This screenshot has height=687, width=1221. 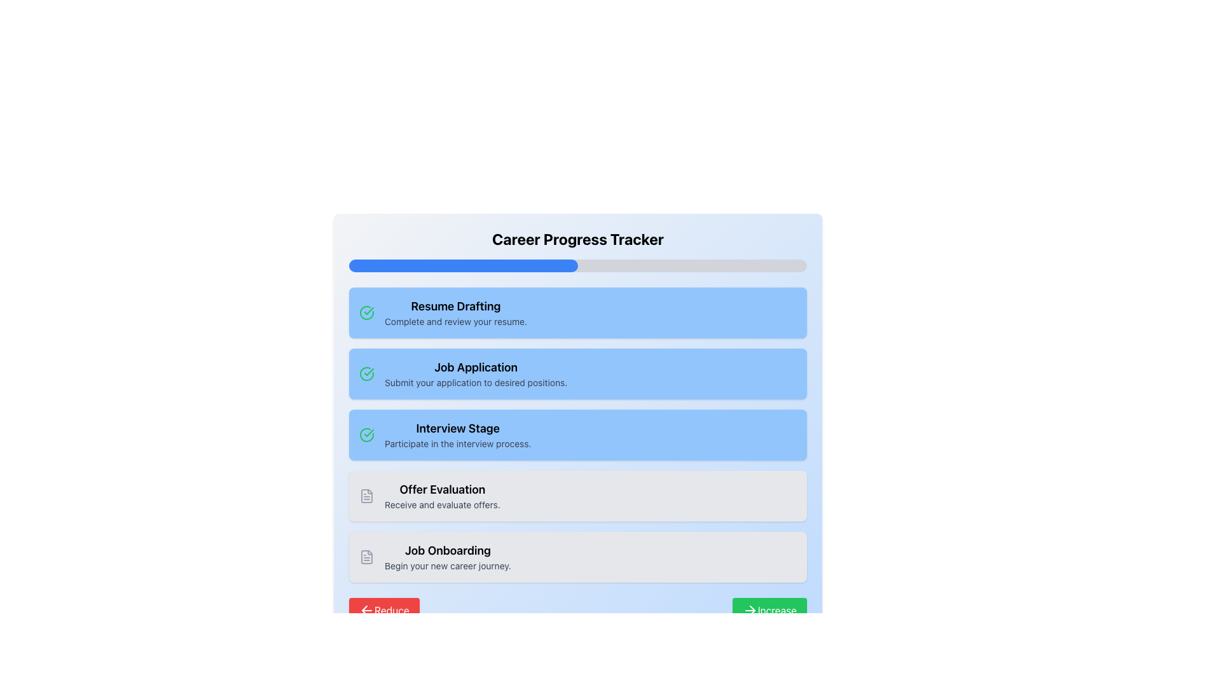 What do you see at coordinates (458, 429) in the screenshot?
I see `header text 'Interview Stage' in the career progress tracker interface, which is located in the third section above the description text` at bounding box center [458, 429].